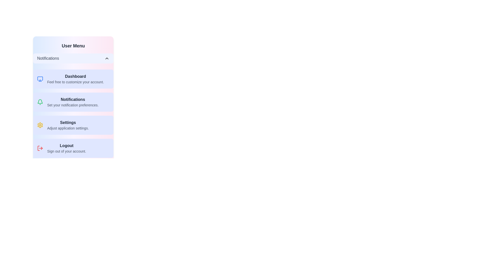  What do you see at coordinates (73, 125) in the screenshot?
I see `the menu item labeled 'Settings' to highlight it` at bounding box center [73, 125].